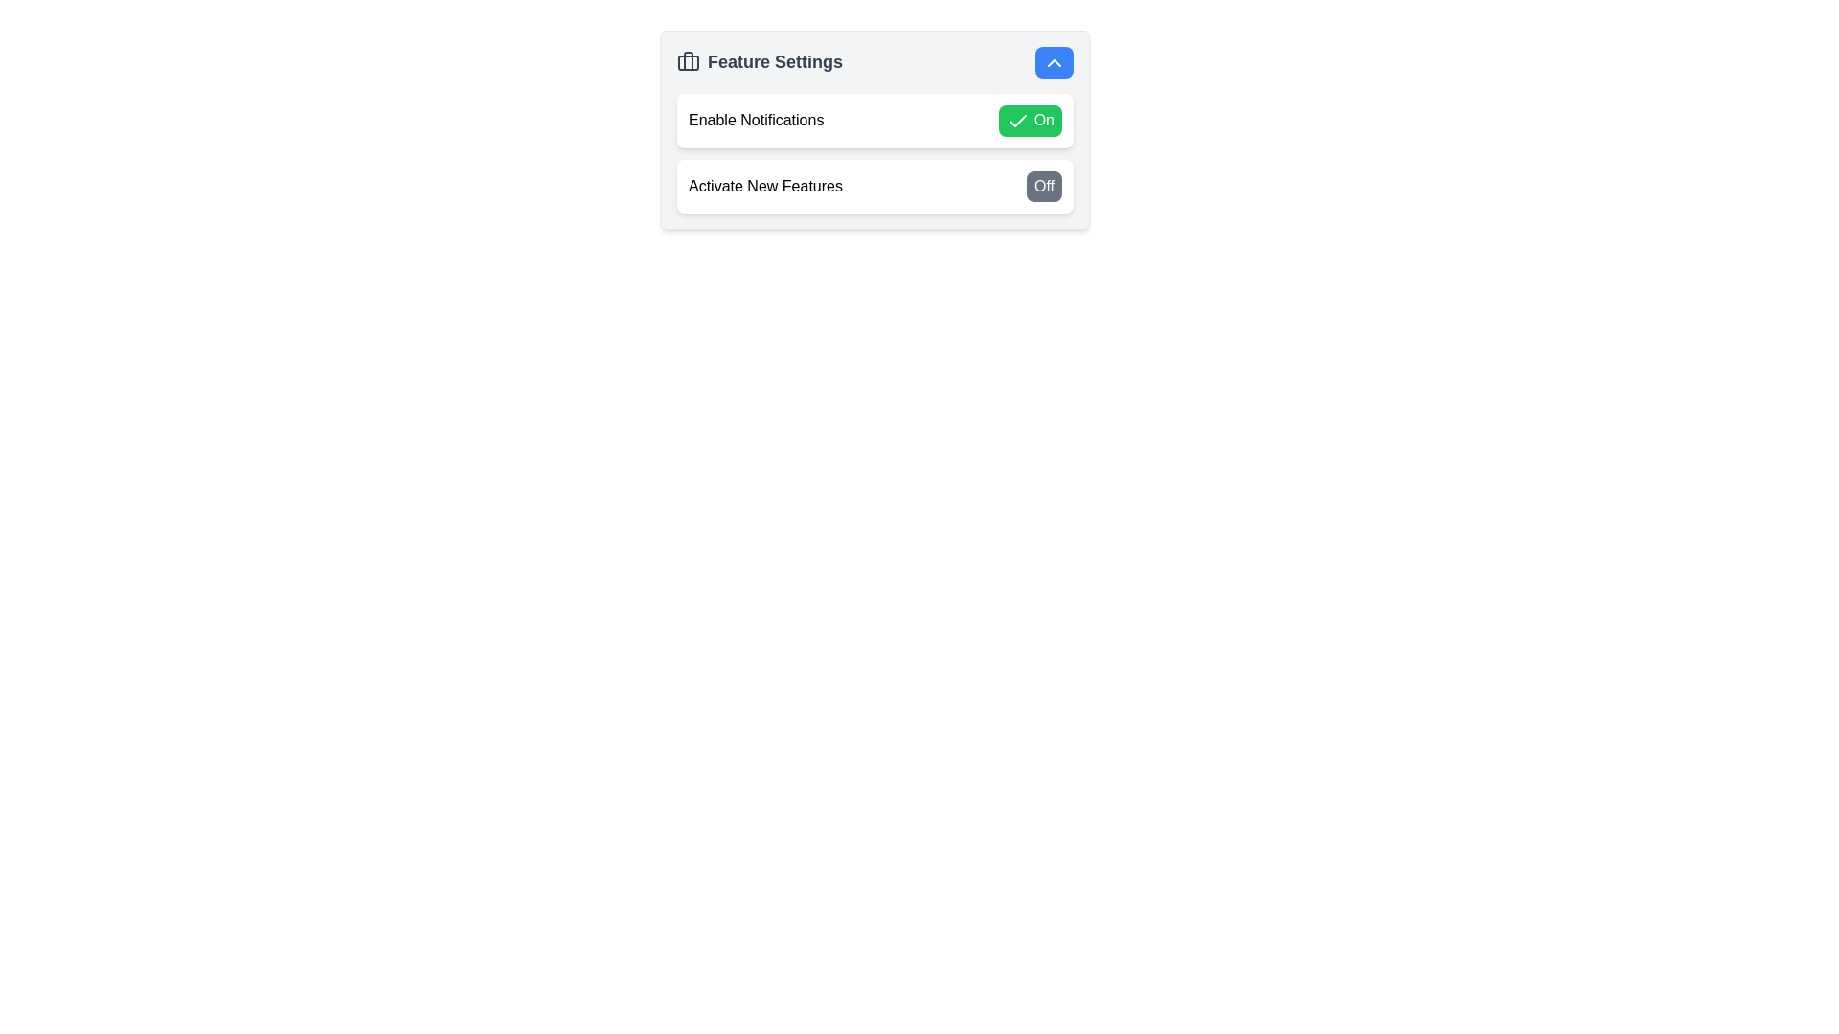 This screenshot has width=1839, height=1034. I want to click on the icon indicating the enabled state of the 'Enable Notifications' toggle button, which is located inside the small green circle of the toggle button labeled 'On' in the settings panel, so click(1017, 121).